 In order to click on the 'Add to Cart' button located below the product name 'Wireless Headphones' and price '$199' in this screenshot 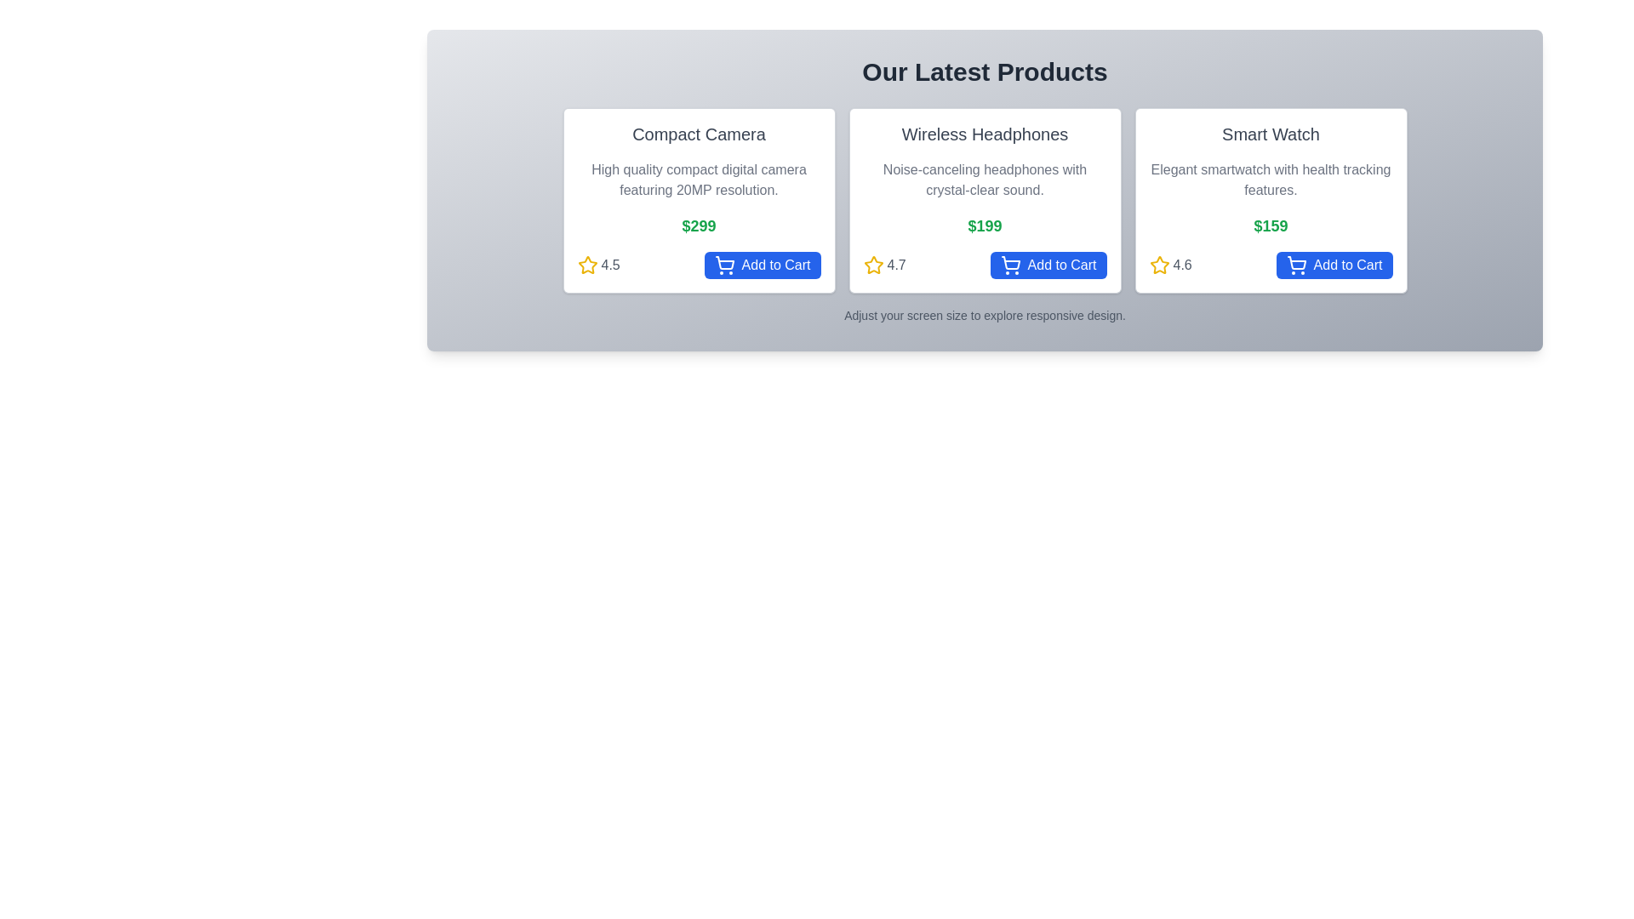, I will do `click(1048, 265)`.